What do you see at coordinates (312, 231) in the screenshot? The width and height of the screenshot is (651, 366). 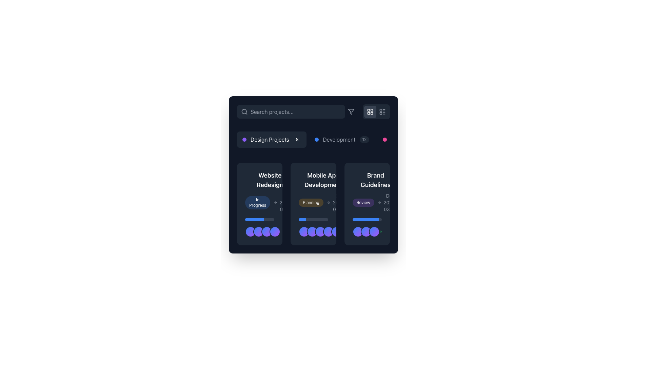 I see `the second circular badge in the 'Mobile App Development' card, which serves as a visual indicator among six adjacent badges` at bounding box center [312, 231].